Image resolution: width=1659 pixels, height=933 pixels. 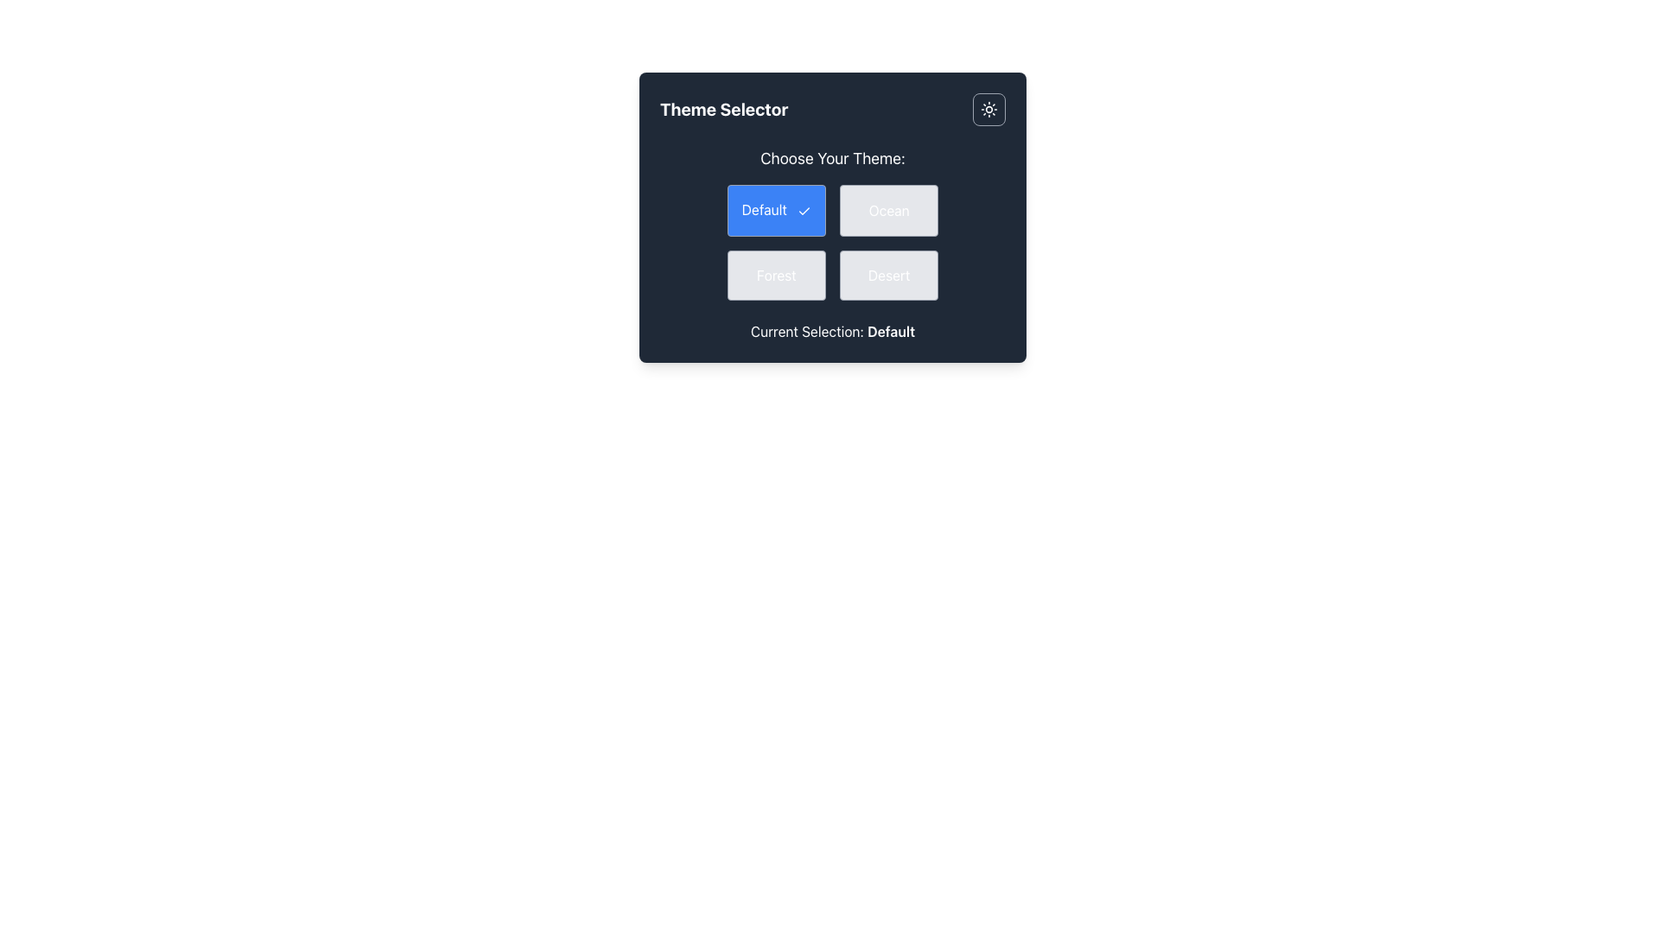 I want to click on the 'Default' option in the theme selection grid, which is styled with a blue background and white text, so click(x=833, y=242).